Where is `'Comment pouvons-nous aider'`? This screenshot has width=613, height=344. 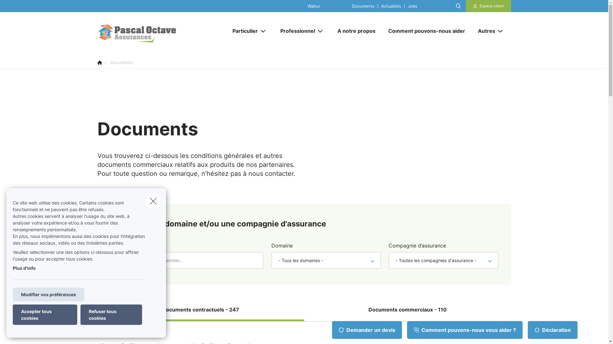 'Comment pouvons-nous aider' is located at coordinates (427, 31).